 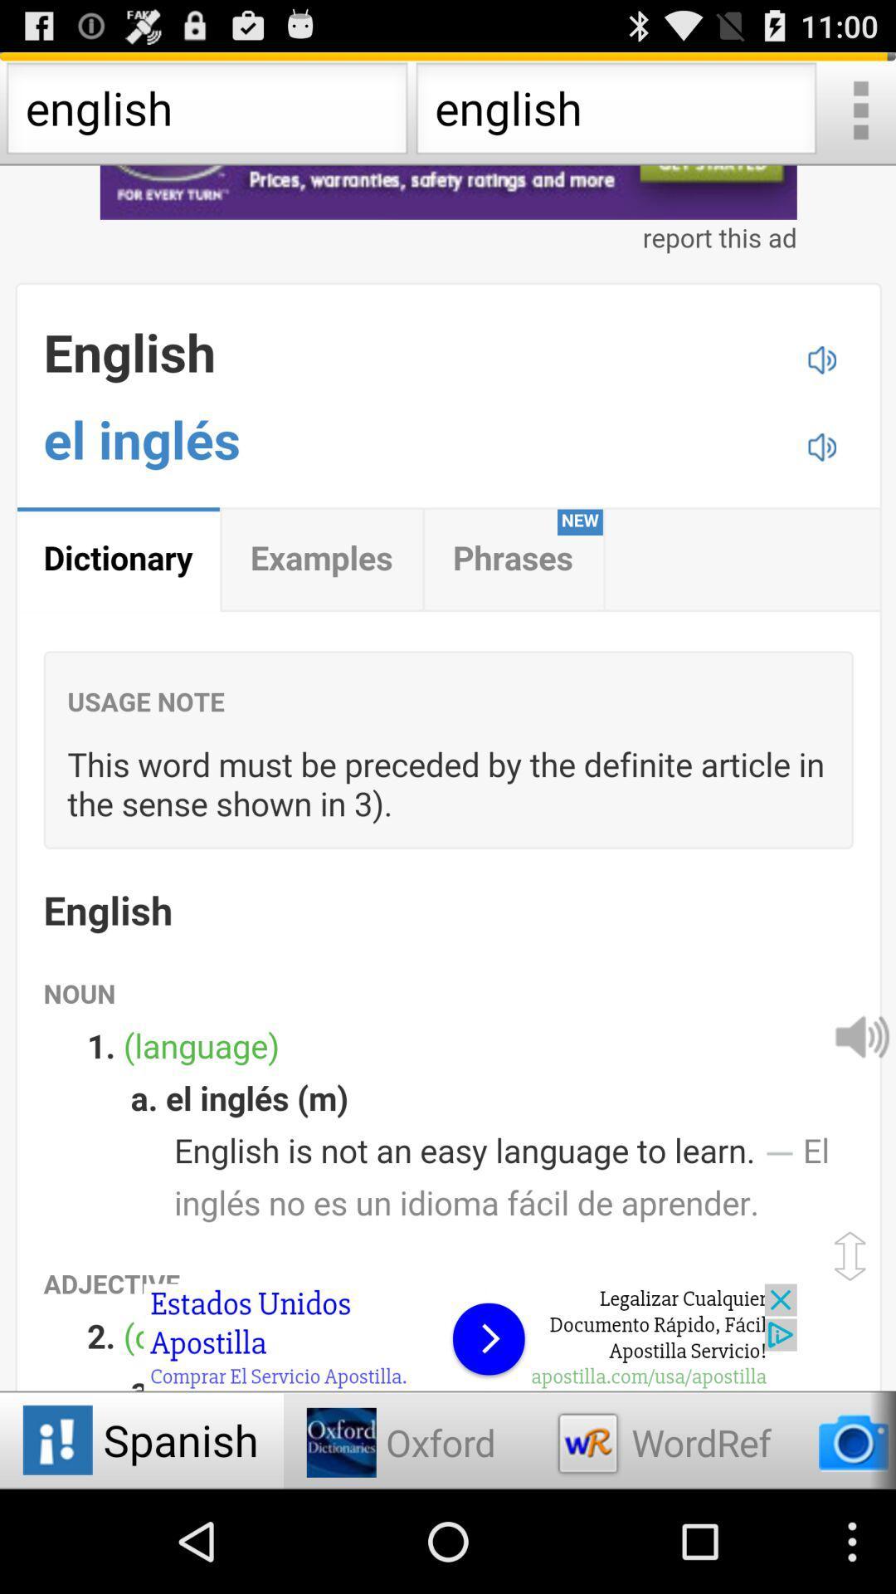 What do you see at coordinates (859, 1108) in the screenshot?
I see `the volume icon` at bounding box center [859, 1108].